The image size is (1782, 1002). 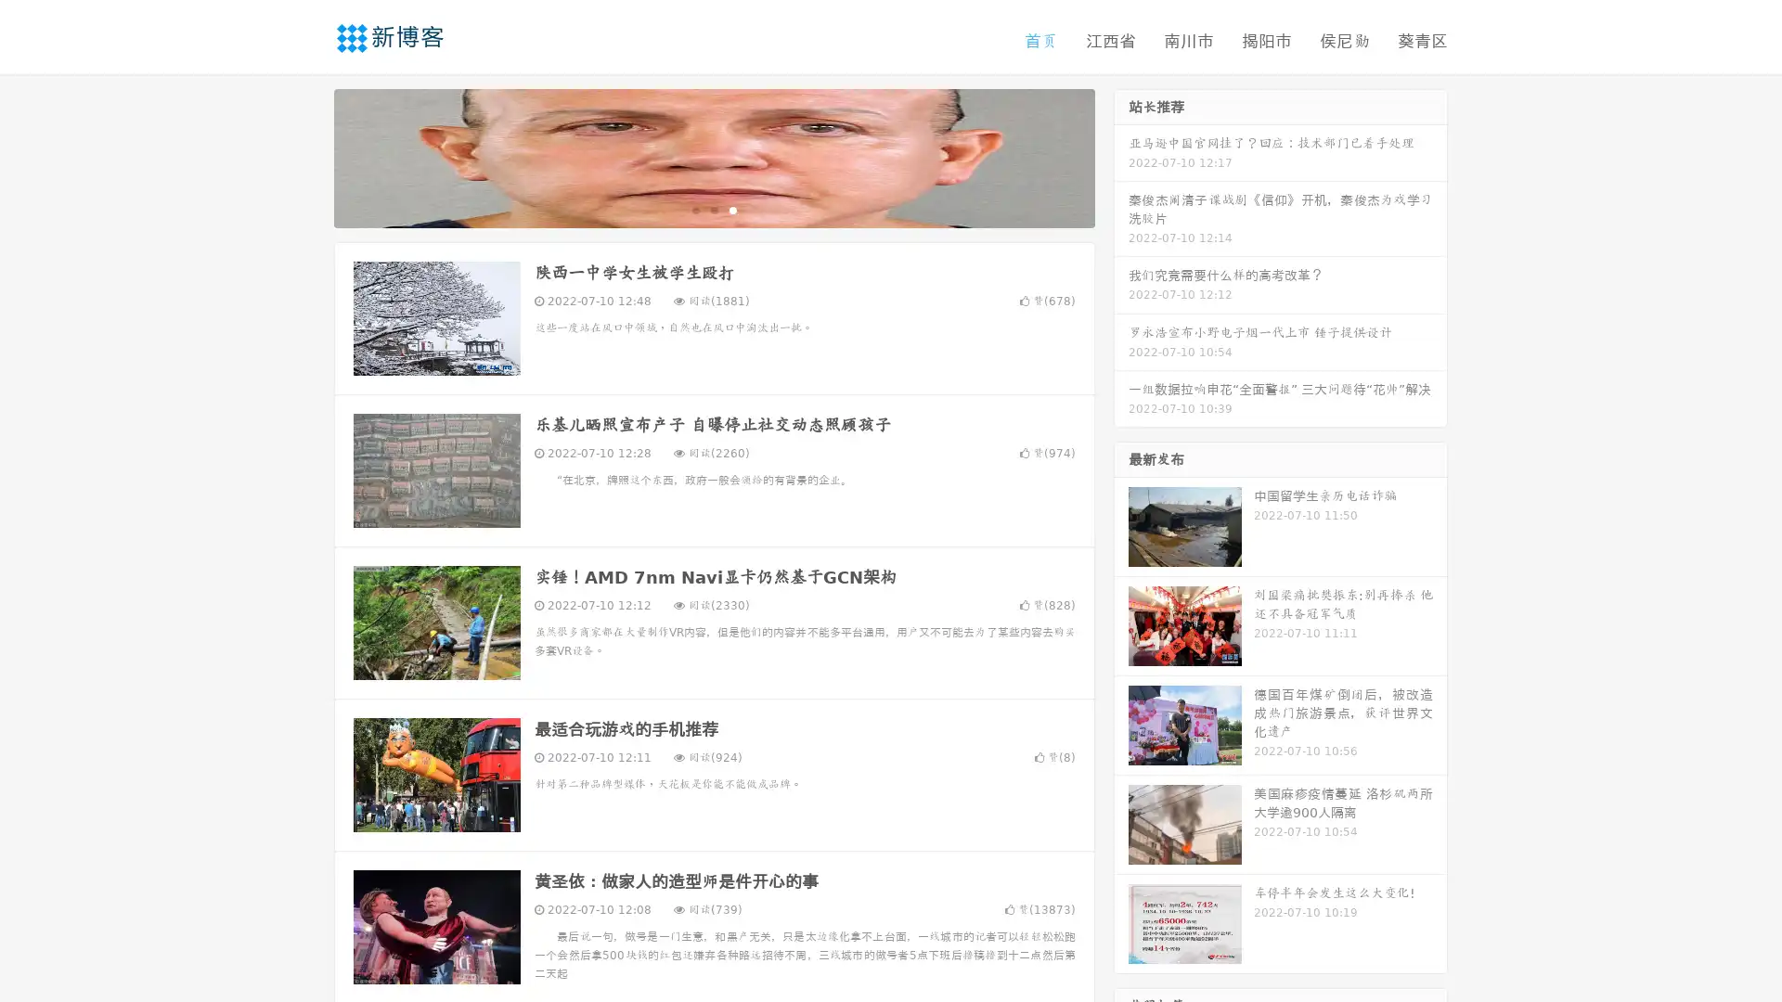 I want to click on Go to slide 3, so click(x=732, y=209).